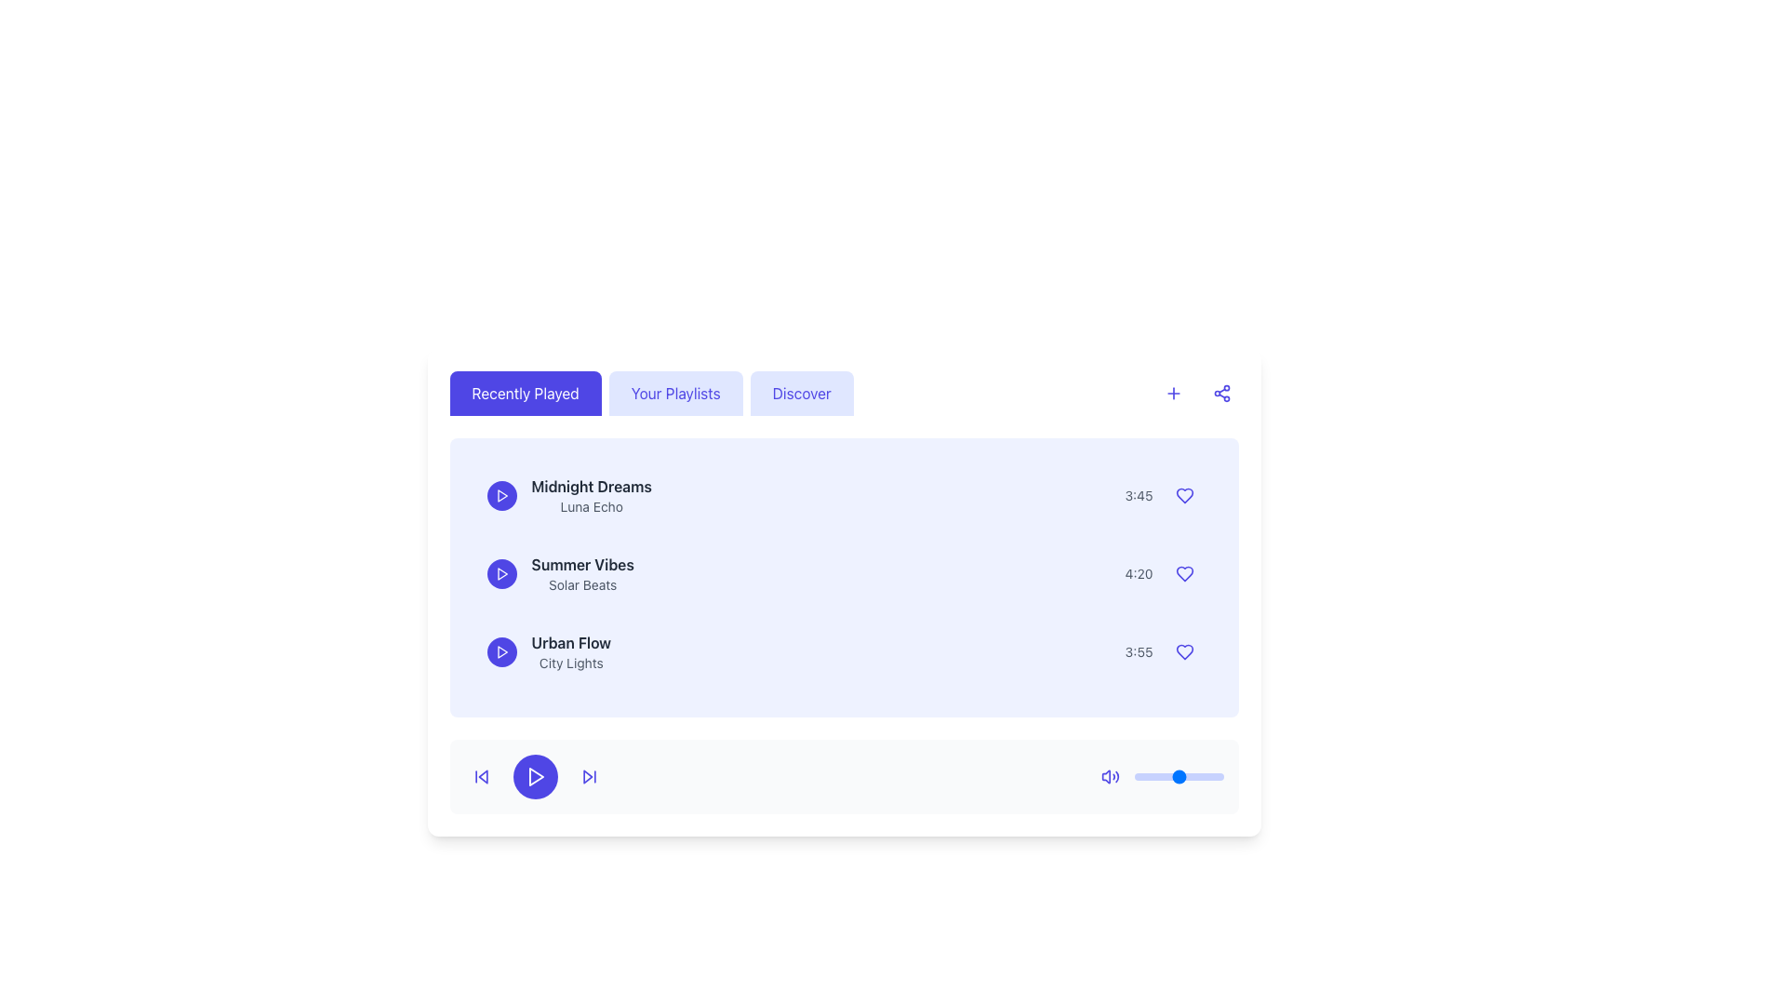  Describe the element at coordinates (1138, 494) in the screenshot. I see `the text label displaying '3:45' located in the right section of the first item in the playlist, next to a heart icon` at that location.